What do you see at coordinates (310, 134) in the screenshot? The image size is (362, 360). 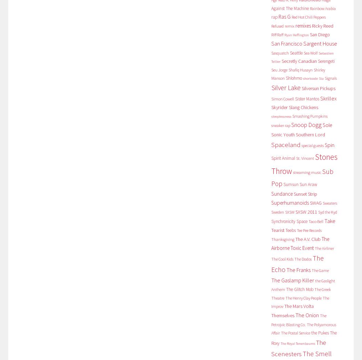 I see `'Southern Lord'` at bounding box center [310, 134].